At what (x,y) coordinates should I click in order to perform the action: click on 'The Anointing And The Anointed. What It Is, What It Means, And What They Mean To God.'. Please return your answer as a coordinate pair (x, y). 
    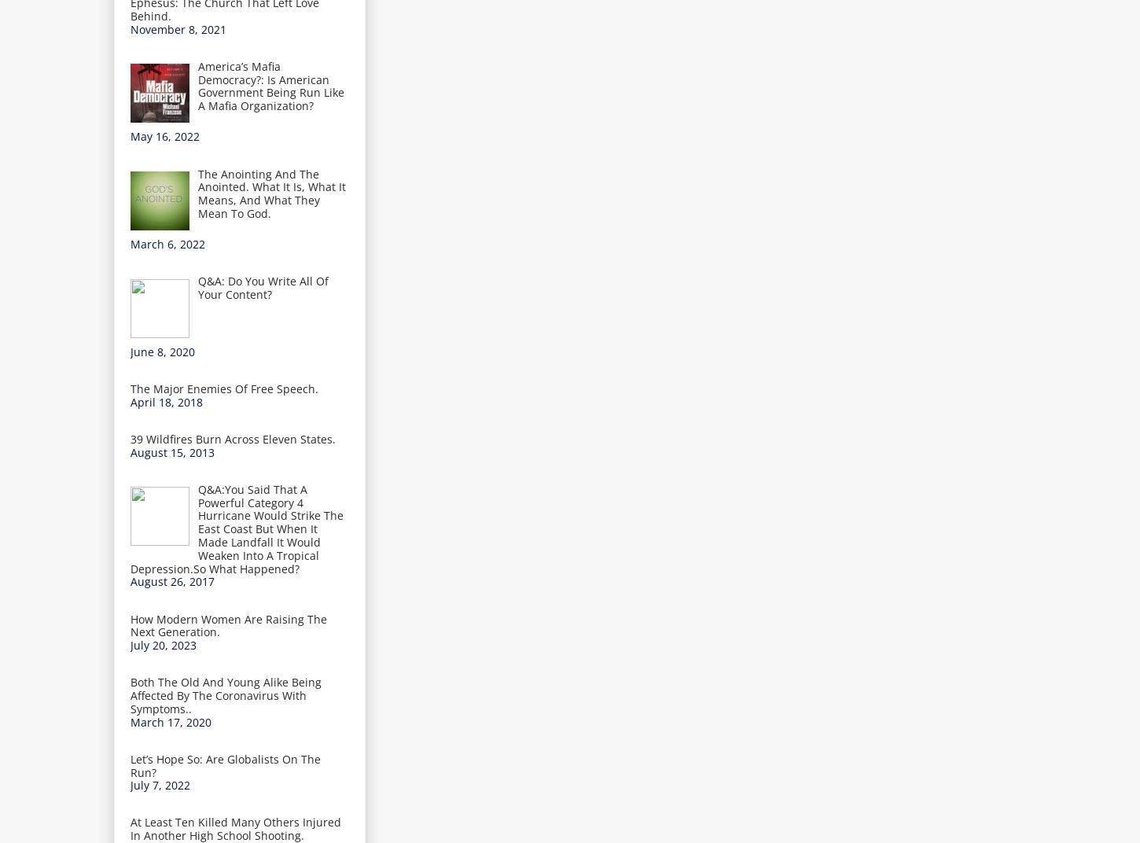
    Looking at the image, I should click on (270, 193).